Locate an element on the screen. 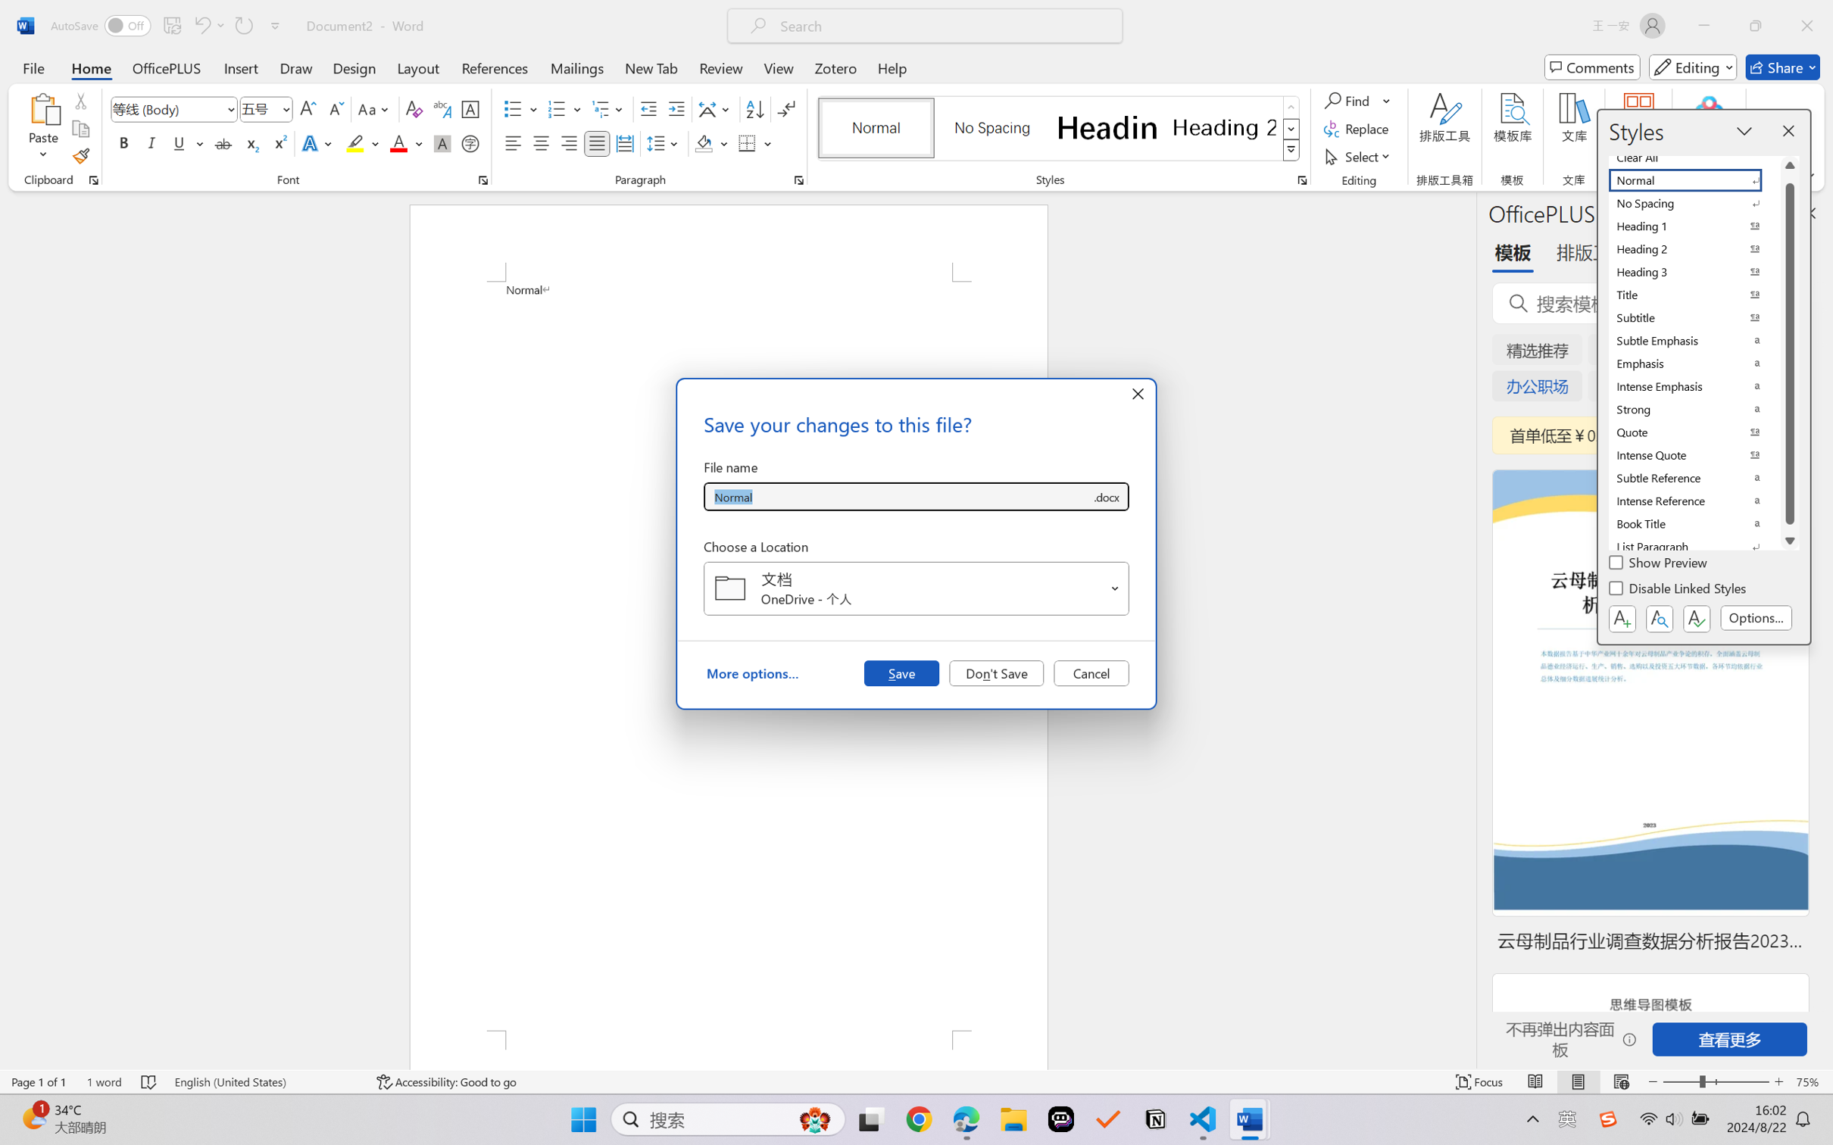 The height and width of the screenshot is (1145, 1833). 'Share' is located at coordinates (1781, 67).